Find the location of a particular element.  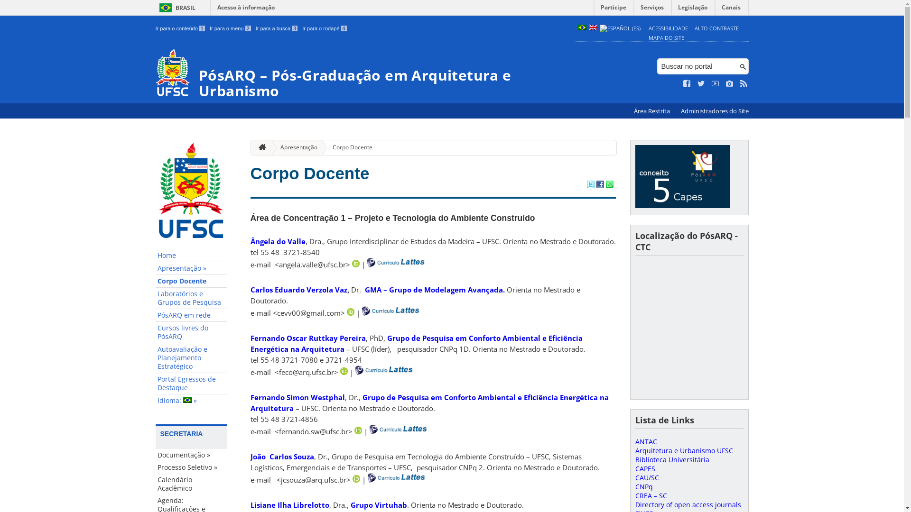

'BRASIL' is located at coordinates (176, 8).